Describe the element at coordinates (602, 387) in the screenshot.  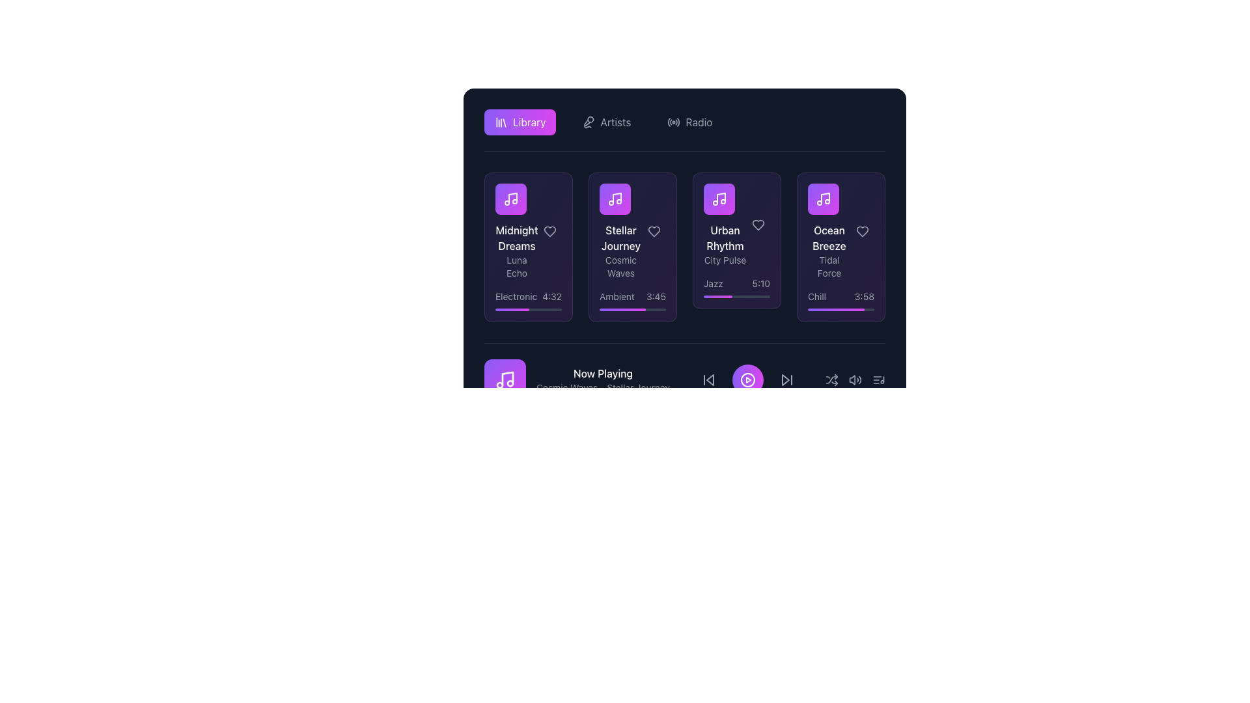
I see `the dynamic indicator label showing the title and subtitle of the currently playing track in the media player's now playing section, located below the 'Now Playing' label` at that location.